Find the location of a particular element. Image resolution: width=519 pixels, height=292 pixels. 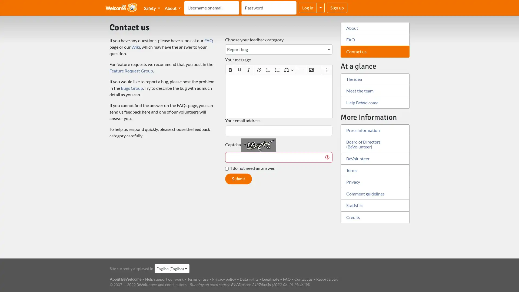

Underline is located at coordinates (239, 69).